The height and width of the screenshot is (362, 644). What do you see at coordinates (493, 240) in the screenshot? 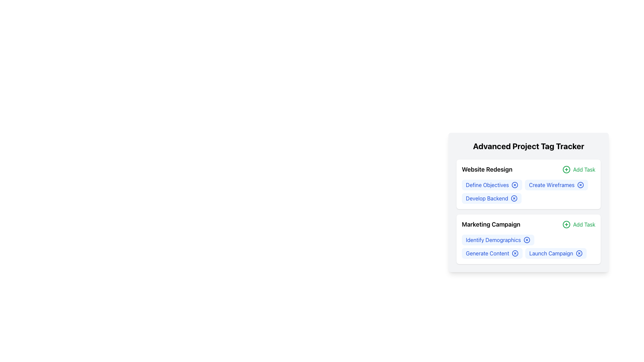
I see `the 'Identify Demographics' label element, which is styled with blue text on a light blue background and is the first item in the 'Marketing Campaign' group` at bounding box center [493, 240].